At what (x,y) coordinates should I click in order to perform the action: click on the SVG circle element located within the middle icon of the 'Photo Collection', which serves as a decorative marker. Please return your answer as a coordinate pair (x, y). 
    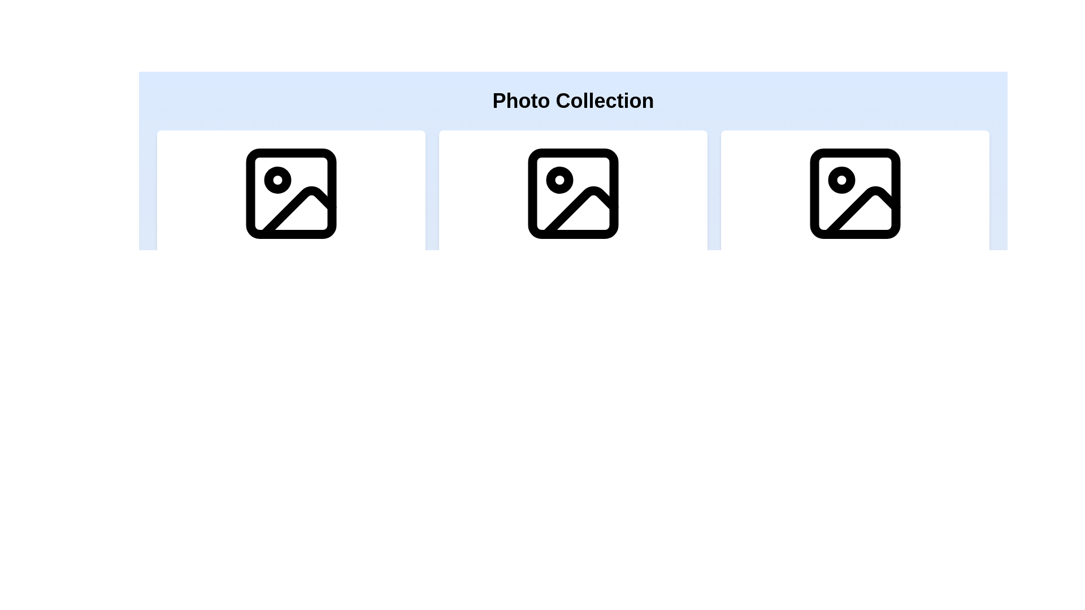
    Looking at the image, I should click on (559, 180).